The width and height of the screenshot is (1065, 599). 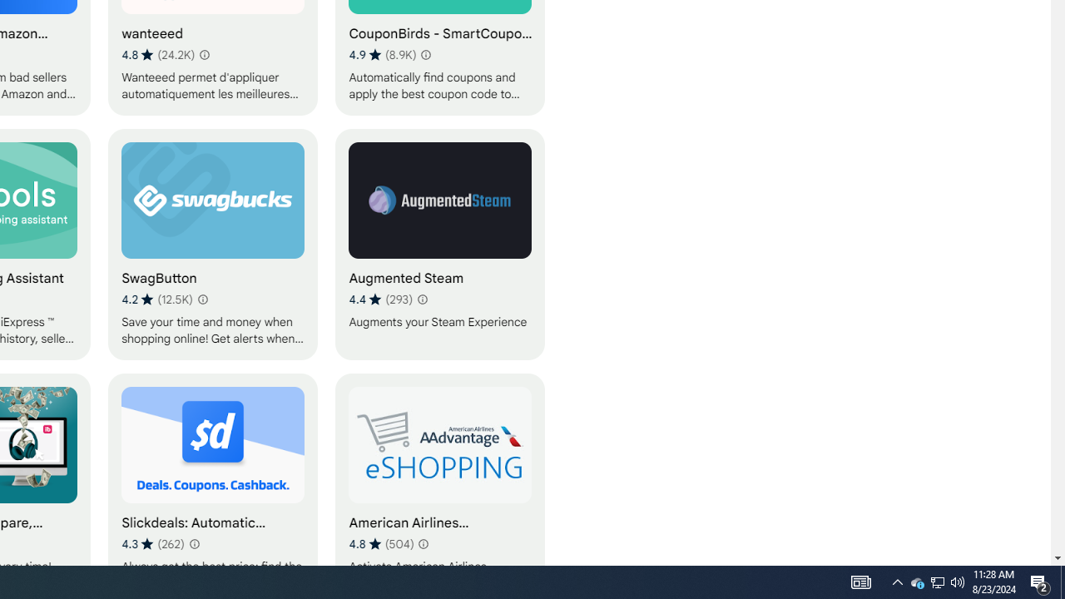 What do you see at coordinates (156, 299) in the screenshot?
I see `'Average rating 4.2 out of 5 stars. 12.5K ratings.'` at bounding box center [156, 299].